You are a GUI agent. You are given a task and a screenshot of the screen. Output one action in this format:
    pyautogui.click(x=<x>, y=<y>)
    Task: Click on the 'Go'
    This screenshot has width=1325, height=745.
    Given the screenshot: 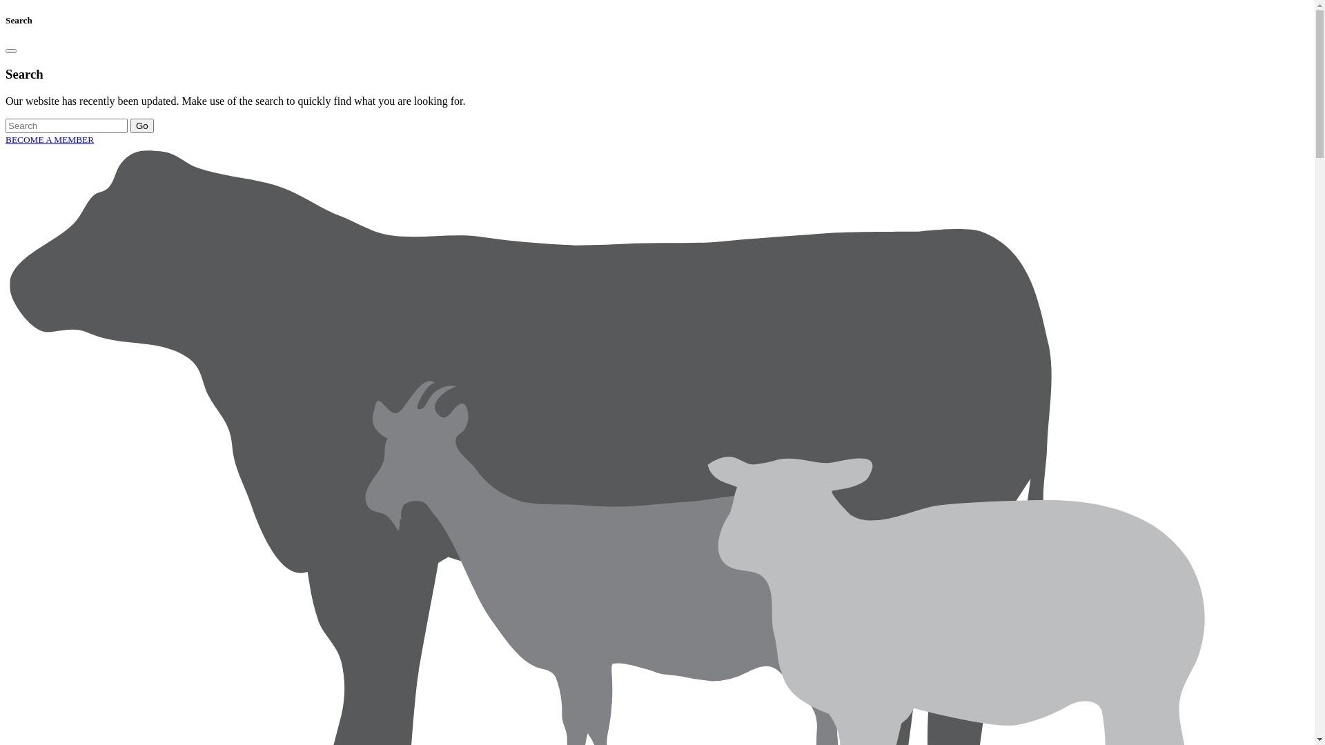 What is the action you would take?
    pyautogui.click(x=142, y=126)
    